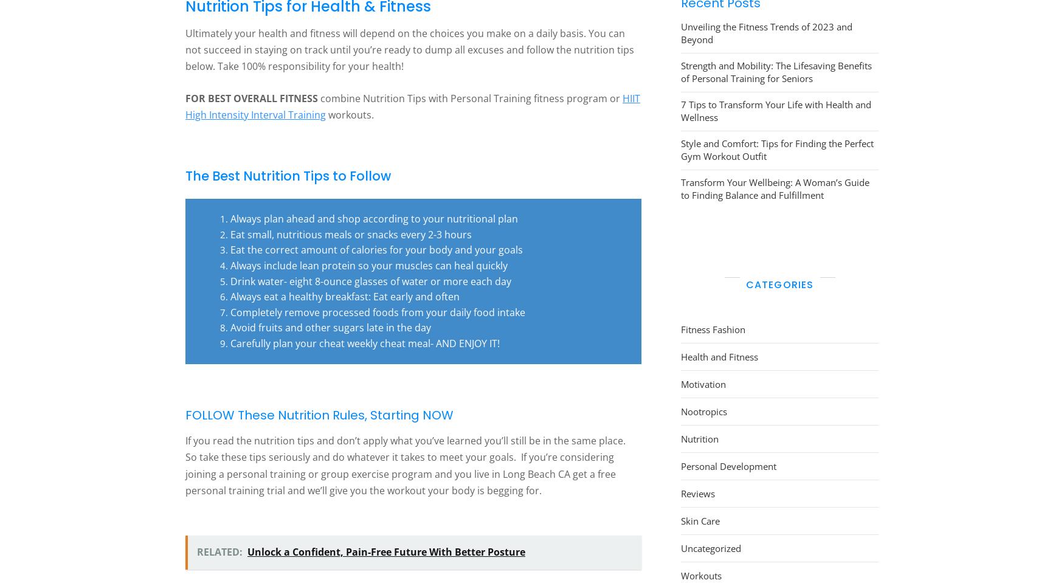 This screenshot has height=583, width=1064. What do you see at coordinates (385, 551) in the screenshot?
I see `'Unlock a Confident, Pain-Free Future With Better Posture'` at bounding box center [385, 551].